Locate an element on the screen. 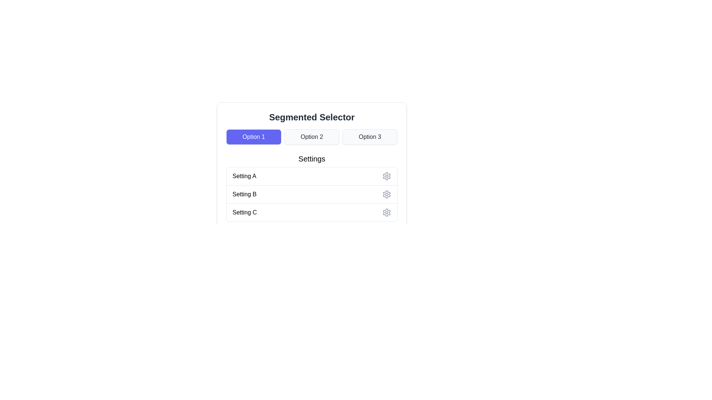 The image size is (712, 400). the gear icon located at the far-right end of the third row labeled 'Setting C' in the settings list is located at coordinates (386, 213).